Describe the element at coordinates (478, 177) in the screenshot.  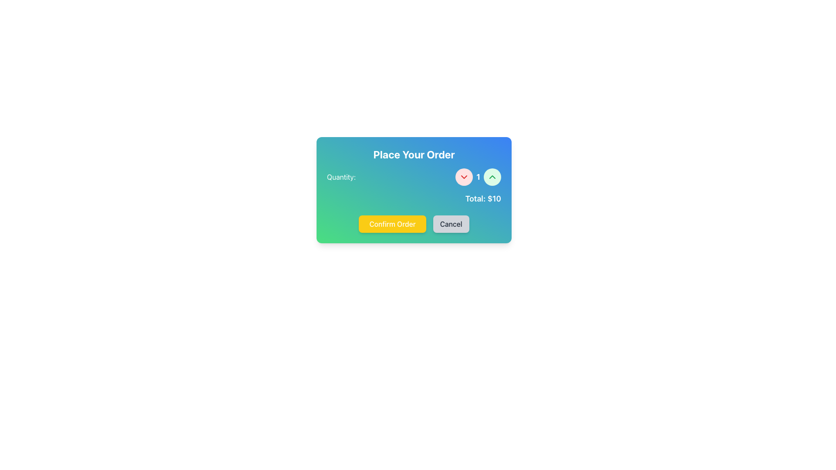
I see `the small, bold white text displaying the number '1' located between the red and green circular buttons in the dialog box under the heading 'Place Your Order'` at that location.